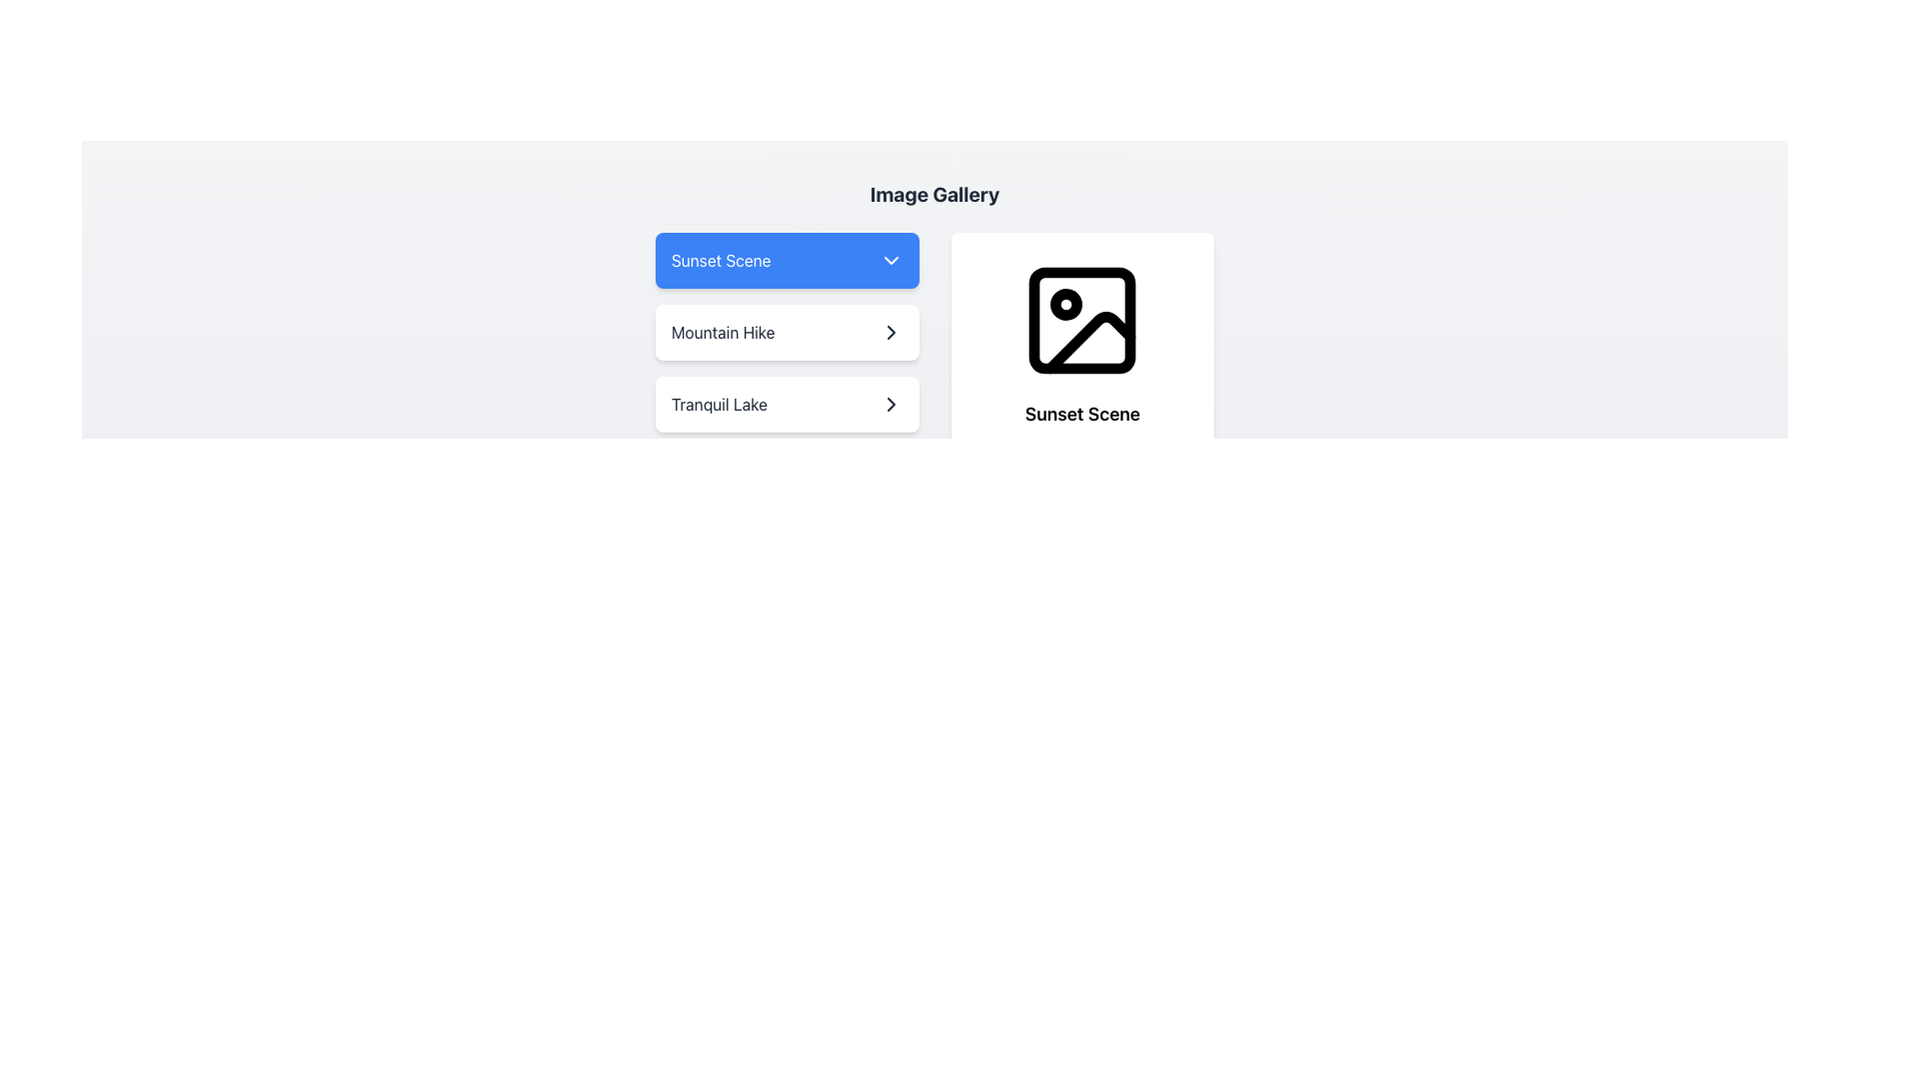  Describe the element at coordinates (720, 260) in the screenshot. I see `text content of the label 'Sunset Scene' which is styled with white text on a blue background and is the currently selected option within the dropdown menu` at that location.